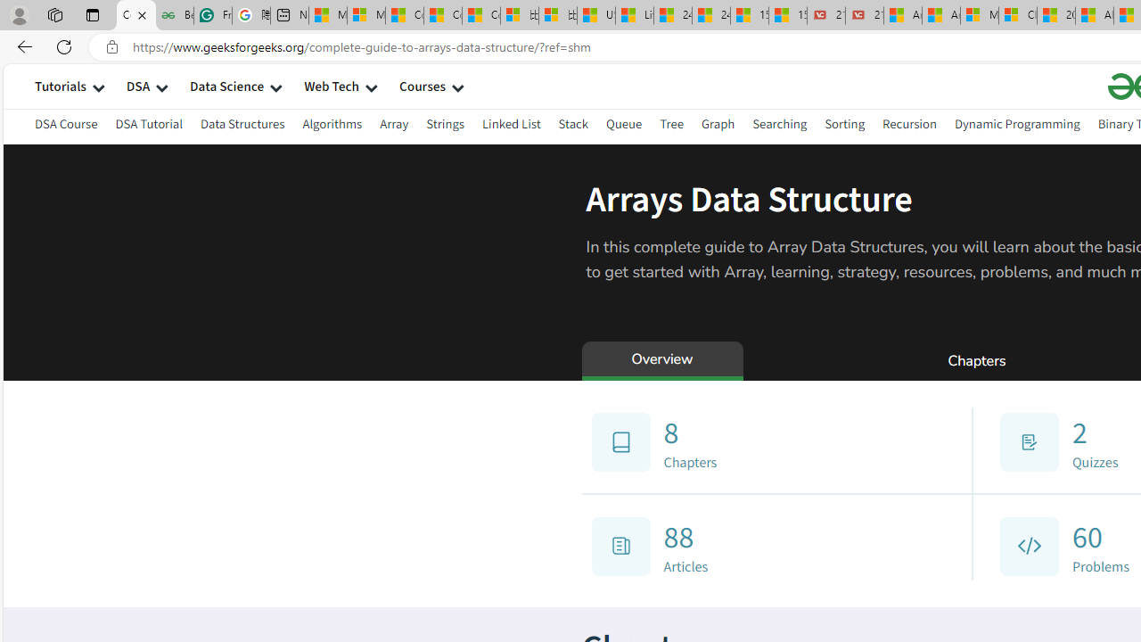 Image resolution: width=1141 pixels, height=642 pixels. What do you see at coordinates (864, 15) in the screenshot?
I see `'21 Movies That Outdid the Books They Were Based On'` at bounding box center [864, 15].